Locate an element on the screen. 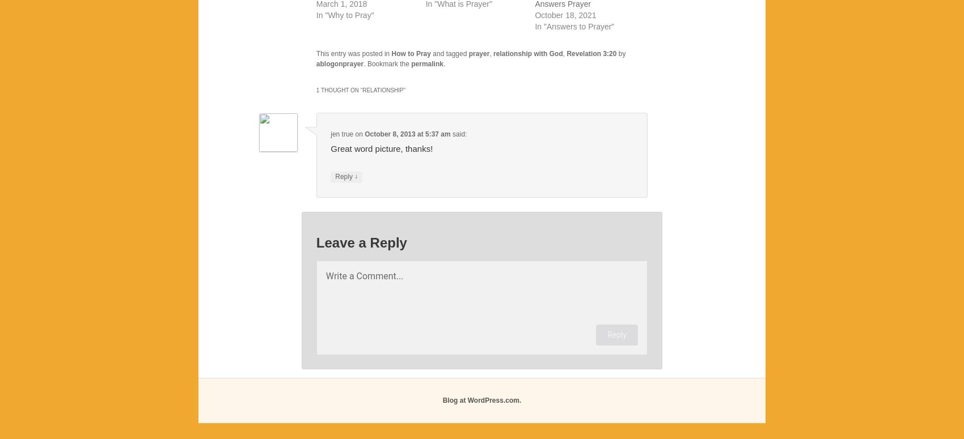  'relationship with God' is located at coordinates (527, 54).